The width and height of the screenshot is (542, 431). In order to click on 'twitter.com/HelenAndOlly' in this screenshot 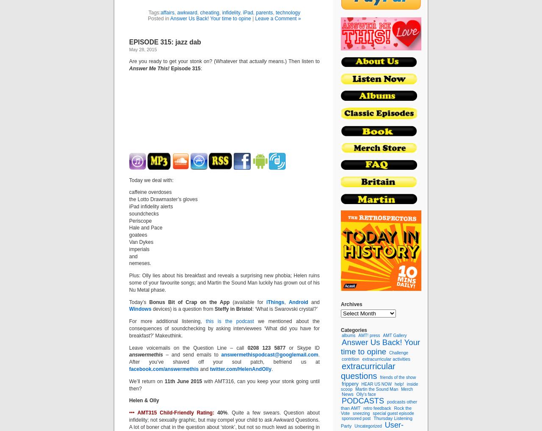, I will do `click(240, 369)`.